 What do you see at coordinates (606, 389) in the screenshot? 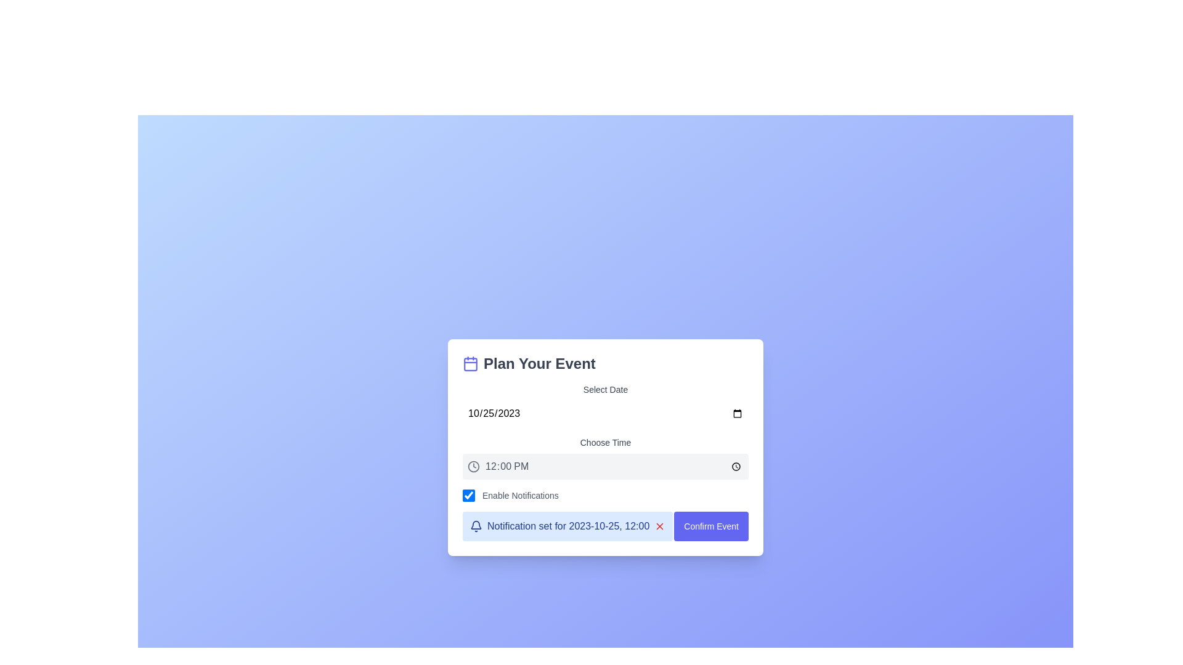
I see `the Text Label that serves as a guide for the date input field in the 'Plan Your Event' panel, located at the top center of the panel` at bounding box center [606, 389].